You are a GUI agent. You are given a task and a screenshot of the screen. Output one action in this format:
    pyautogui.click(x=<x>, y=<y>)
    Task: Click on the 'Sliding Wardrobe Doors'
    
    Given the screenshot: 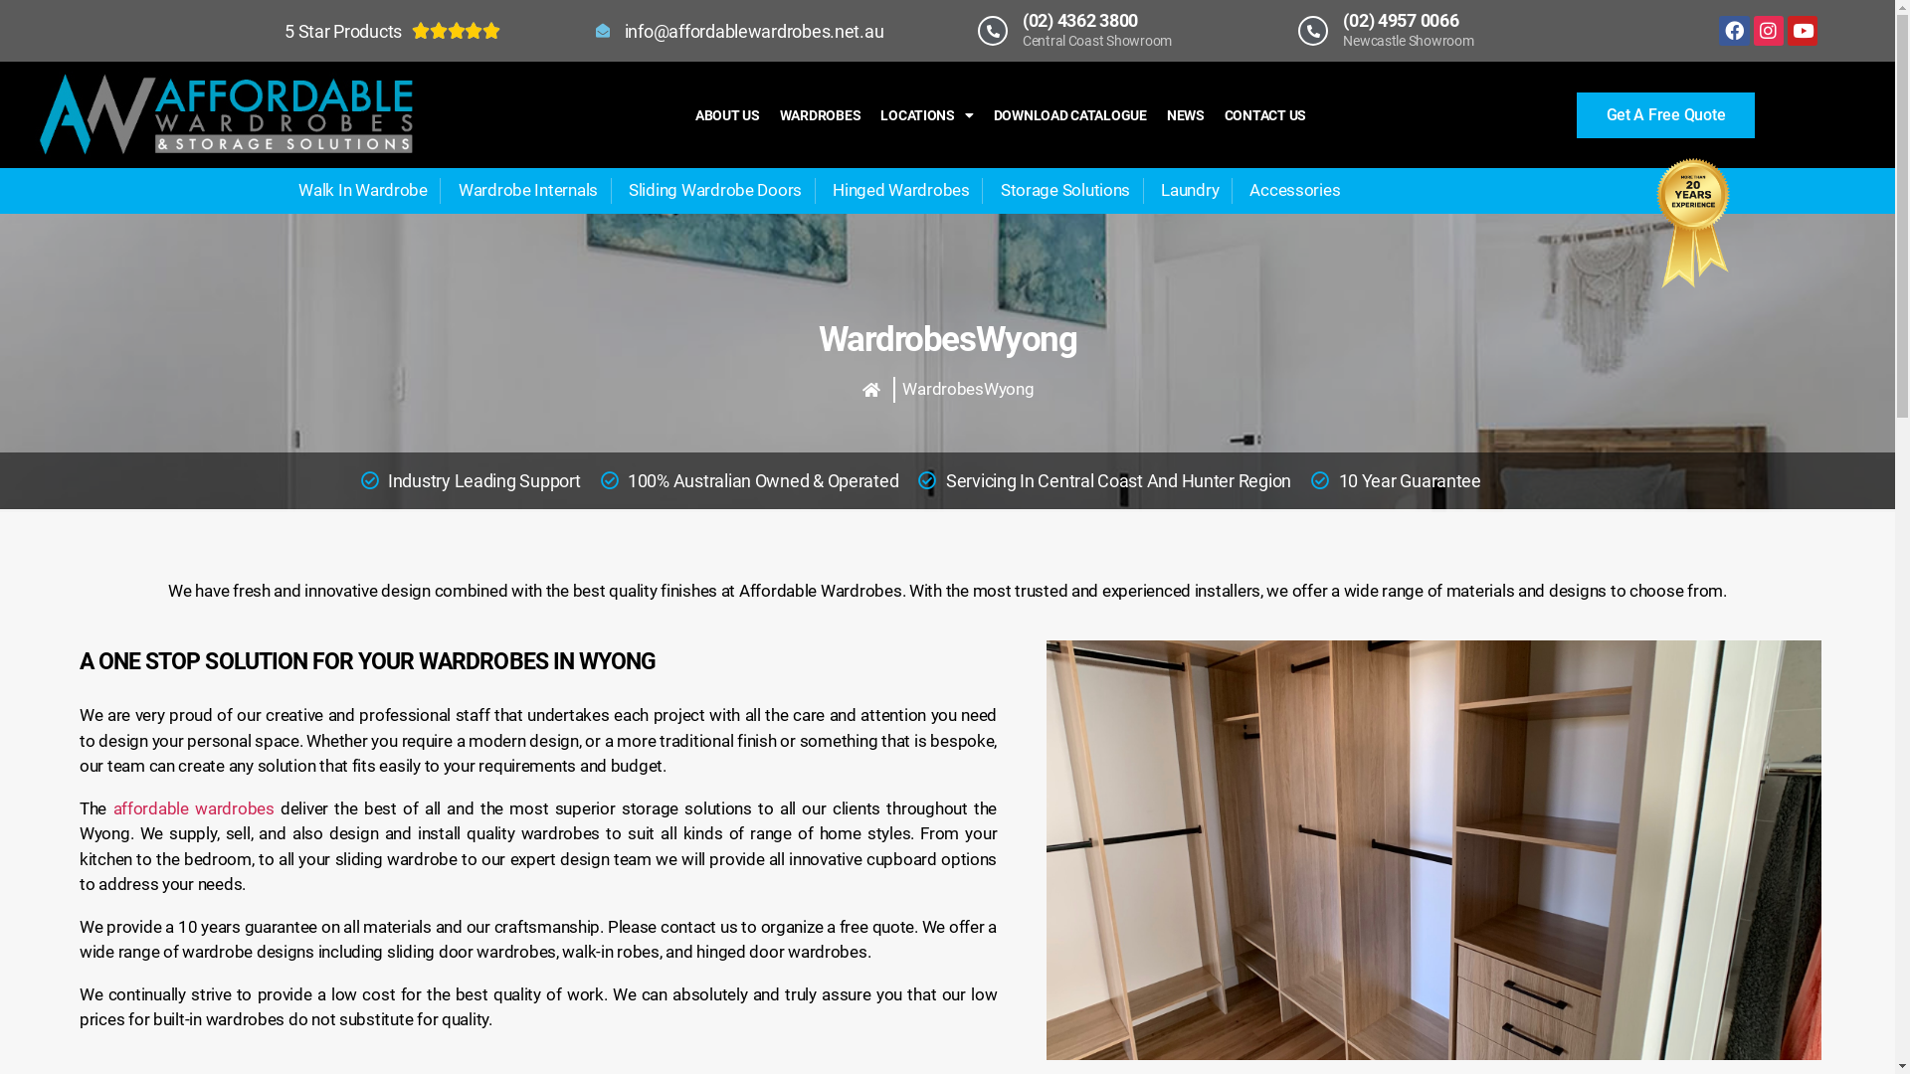 What is the action you would take?
    pyautogui.click(x=712, y=191)
    